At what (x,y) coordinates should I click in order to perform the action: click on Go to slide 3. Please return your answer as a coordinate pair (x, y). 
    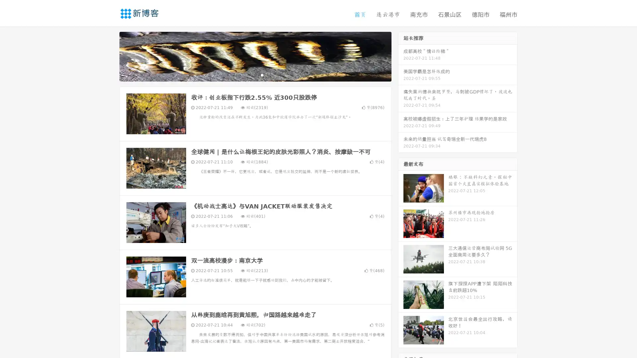
    Looking at the image, I should click on (262, 75).